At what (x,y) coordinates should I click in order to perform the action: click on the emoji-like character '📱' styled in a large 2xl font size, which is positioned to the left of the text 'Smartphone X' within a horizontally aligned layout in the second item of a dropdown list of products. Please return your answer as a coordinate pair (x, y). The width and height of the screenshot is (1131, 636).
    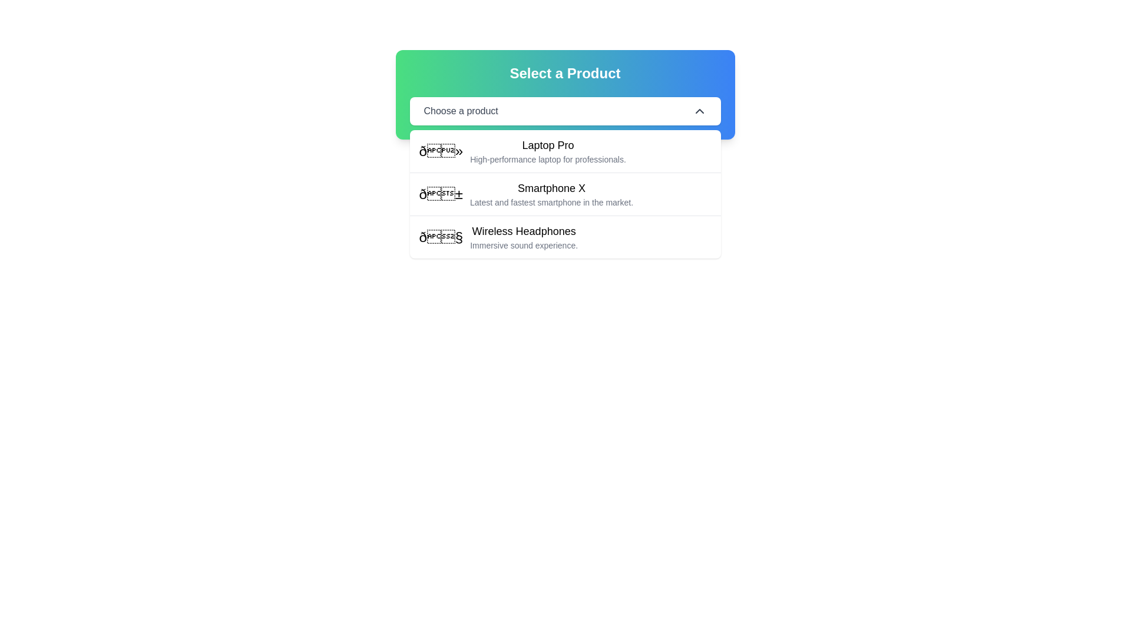
    Looking at the image, I should click on (440, 194).